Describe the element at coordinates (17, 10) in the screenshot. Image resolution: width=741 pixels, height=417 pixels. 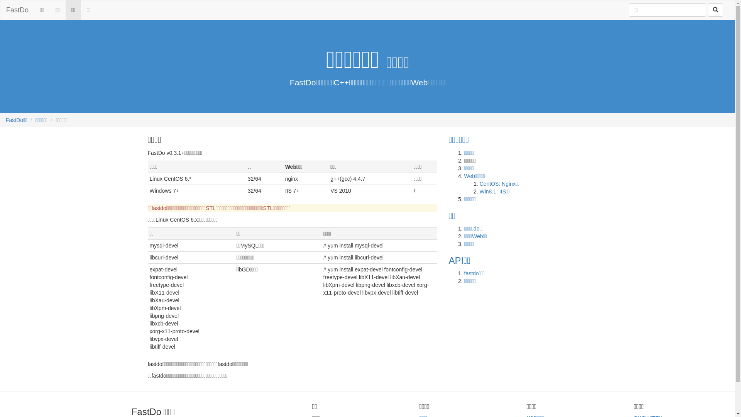
I see `'FastDo'` at that location.